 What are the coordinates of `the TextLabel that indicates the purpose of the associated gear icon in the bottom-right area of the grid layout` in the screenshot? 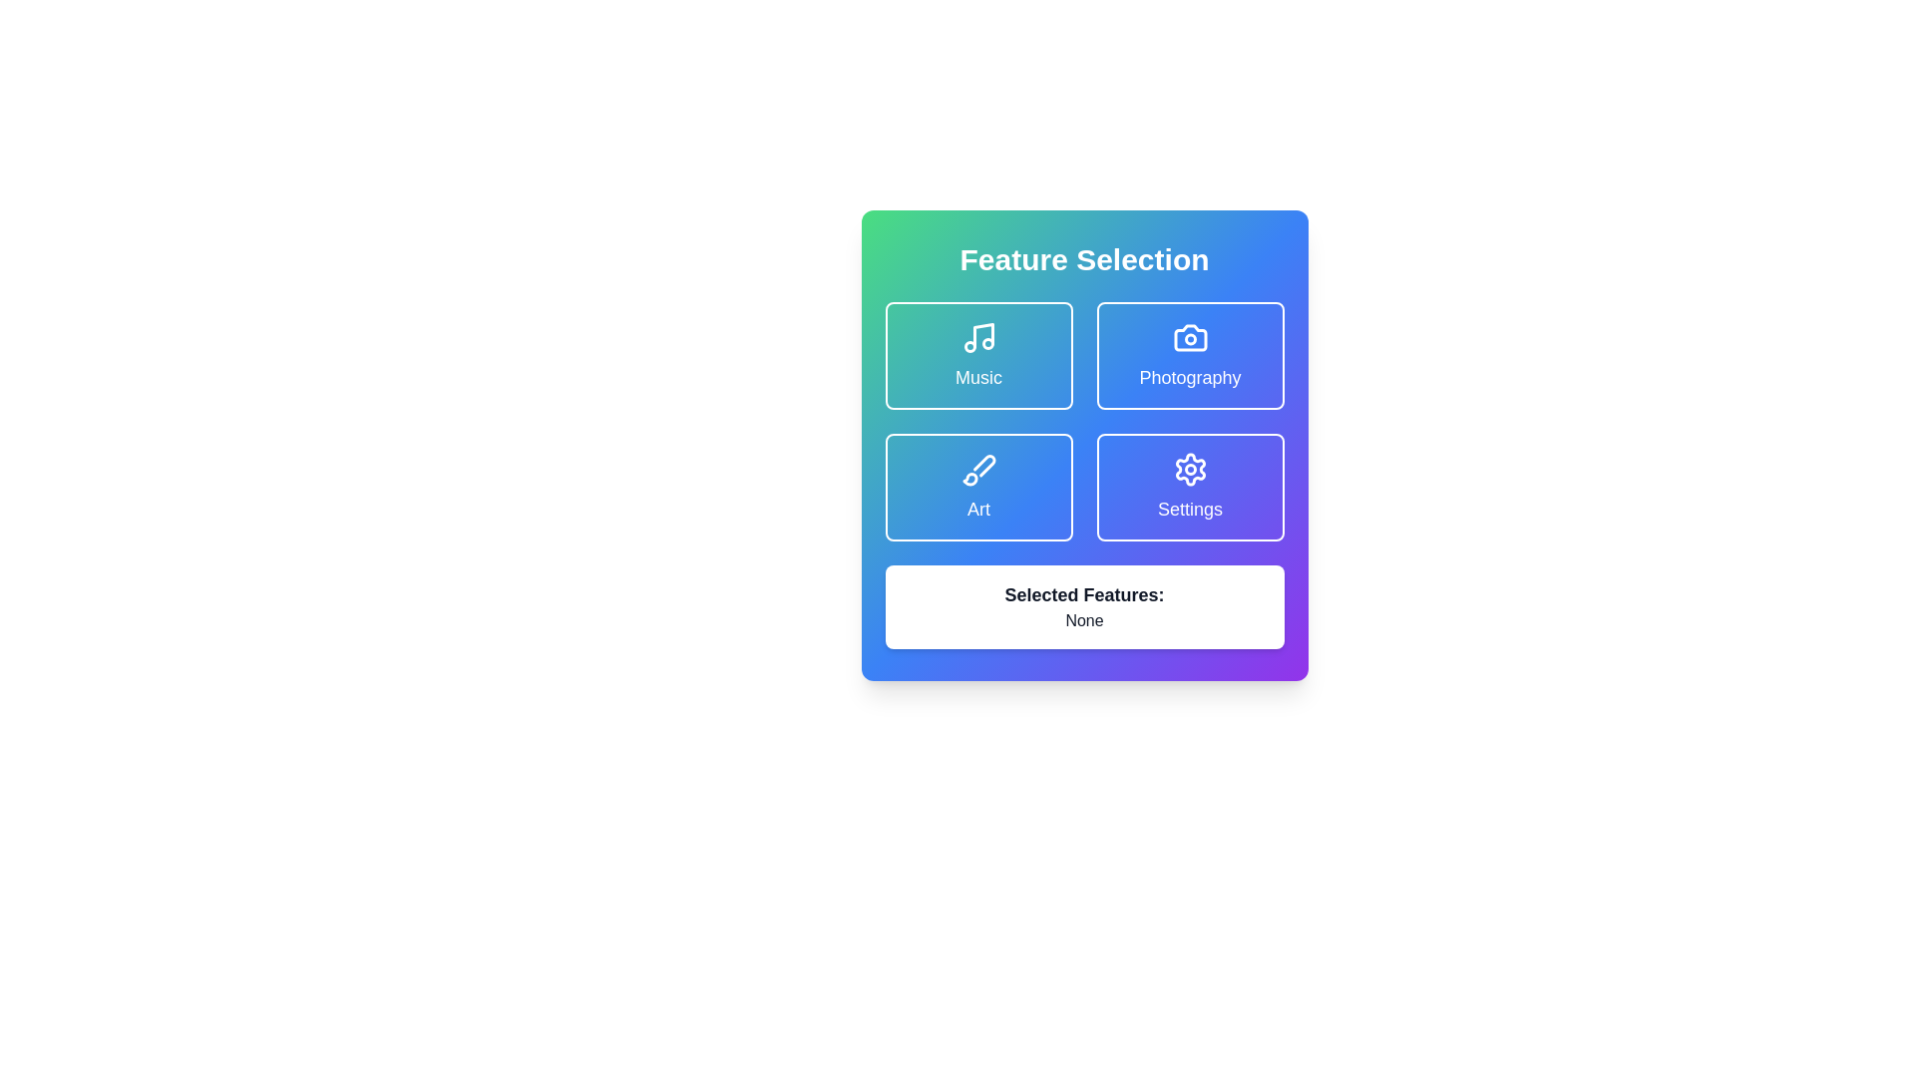 It's located at (1190, 508).